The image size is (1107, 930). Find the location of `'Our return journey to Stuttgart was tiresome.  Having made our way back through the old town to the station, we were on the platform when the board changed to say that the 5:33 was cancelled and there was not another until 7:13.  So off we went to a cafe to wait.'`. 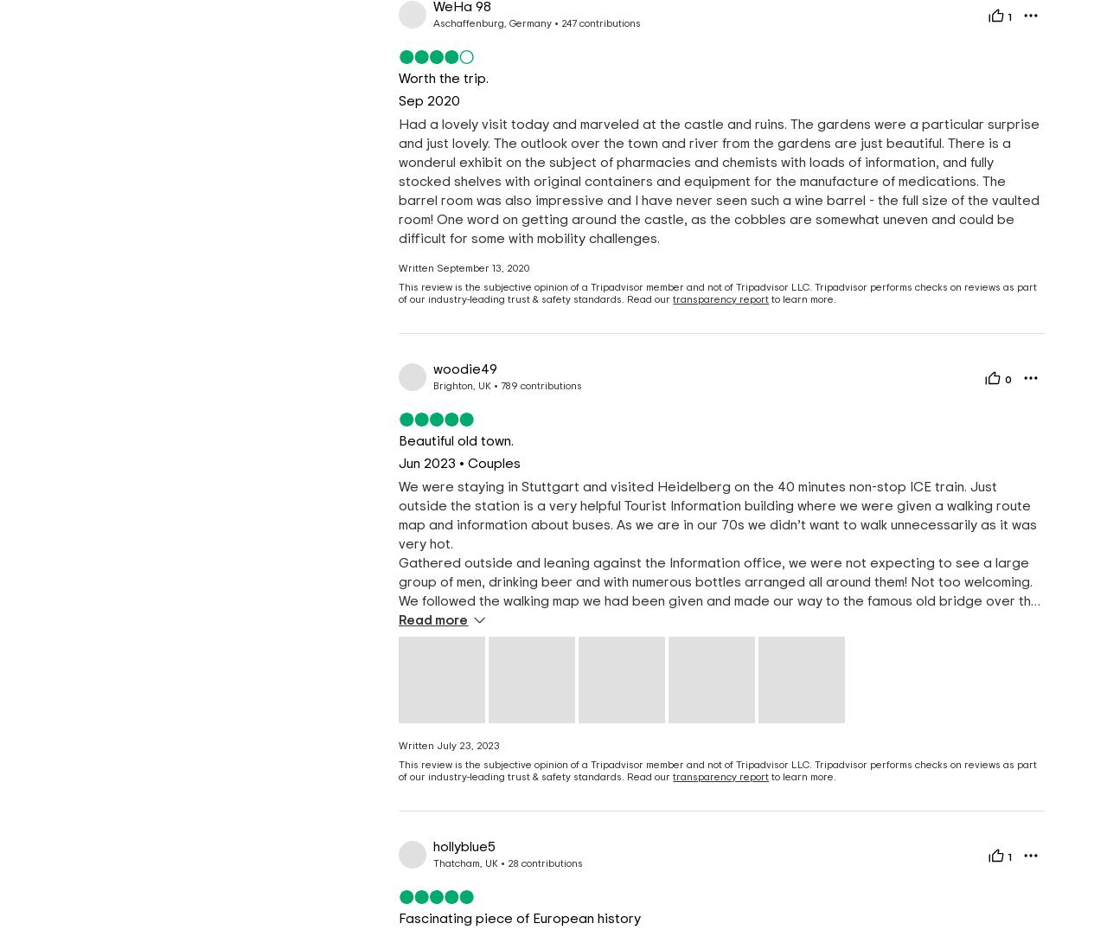

'Our return journey to Stuttgart was tiresome.  Having made our way back through the old town to the station, we were on the platform when the board changed to say that the 5:33 was cancelled and there was not another until 7:13.  So off we went to a cafe to wait.' is located at coordinates (715, 714).